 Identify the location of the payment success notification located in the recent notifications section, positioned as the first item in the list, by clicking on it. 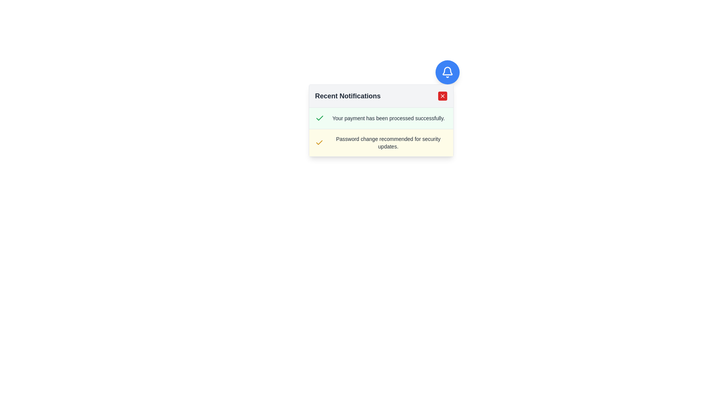
(381, 118).